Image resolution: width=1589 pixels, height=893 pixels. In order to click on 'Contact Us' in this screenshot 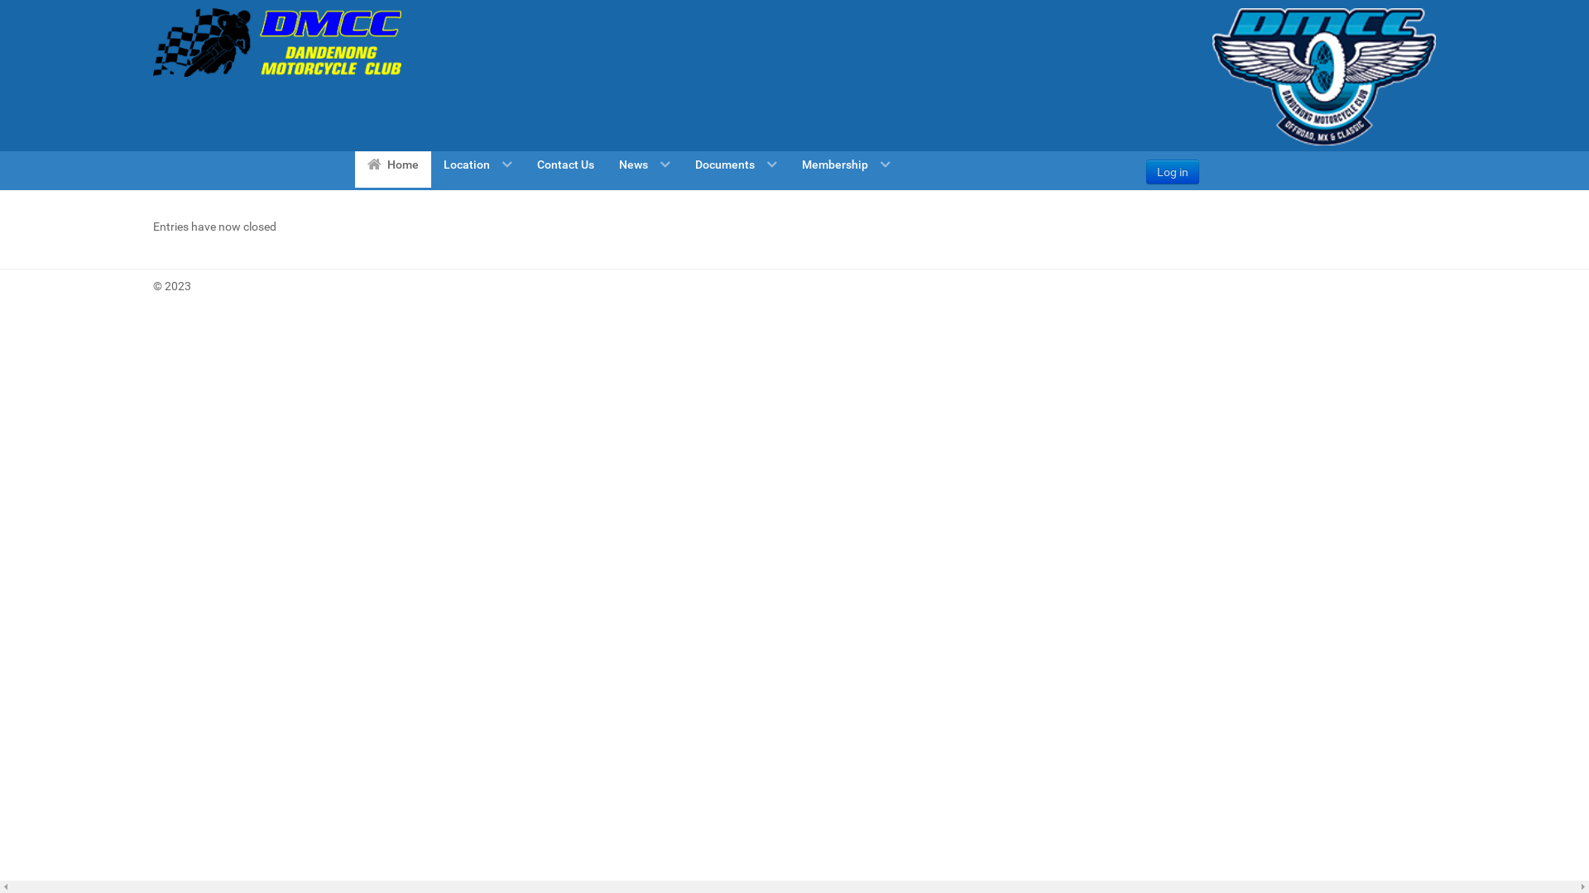, I will do `click(565, 163)`.